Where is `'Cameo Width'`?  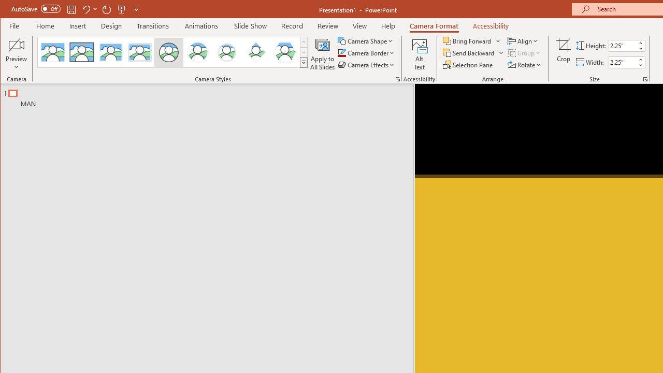
'Cameo Width' is located at coordinates (622, 62).